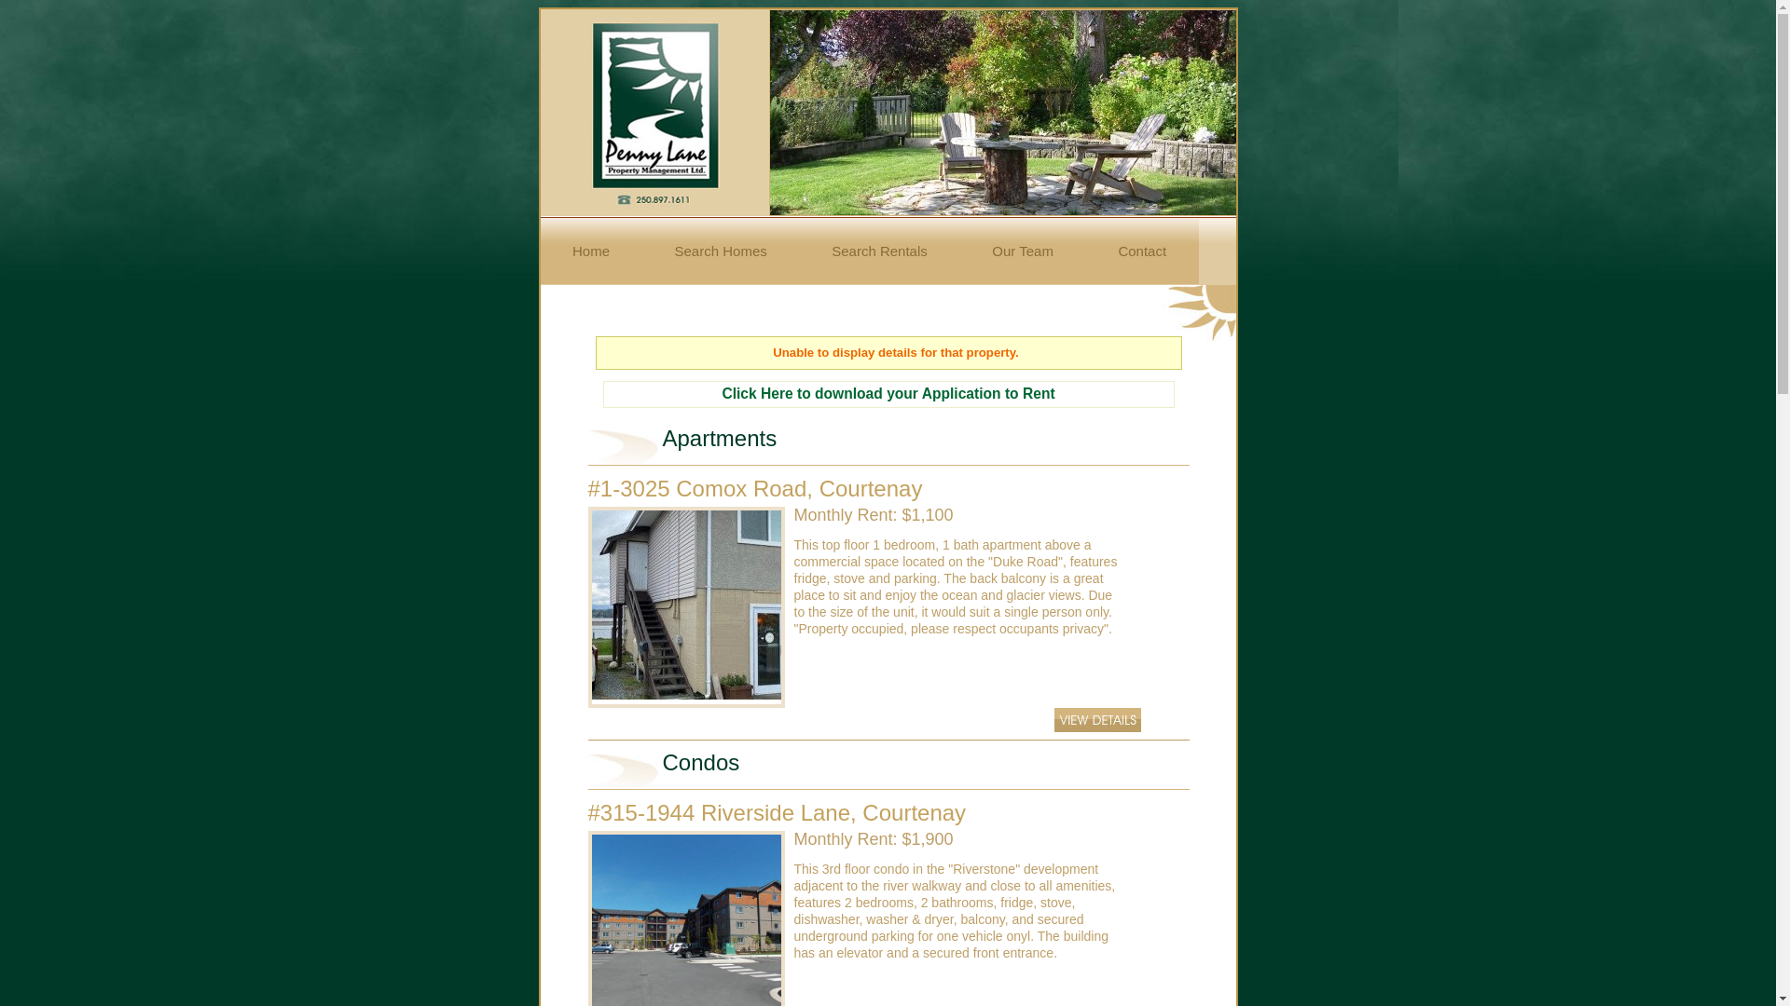 Image resolution: width=1790 pixels, height=1006 pixels. What do you see at coordinates (720, 250) in the screenshot?
I see `'Search Homes'` at bounding box center [720, 250].